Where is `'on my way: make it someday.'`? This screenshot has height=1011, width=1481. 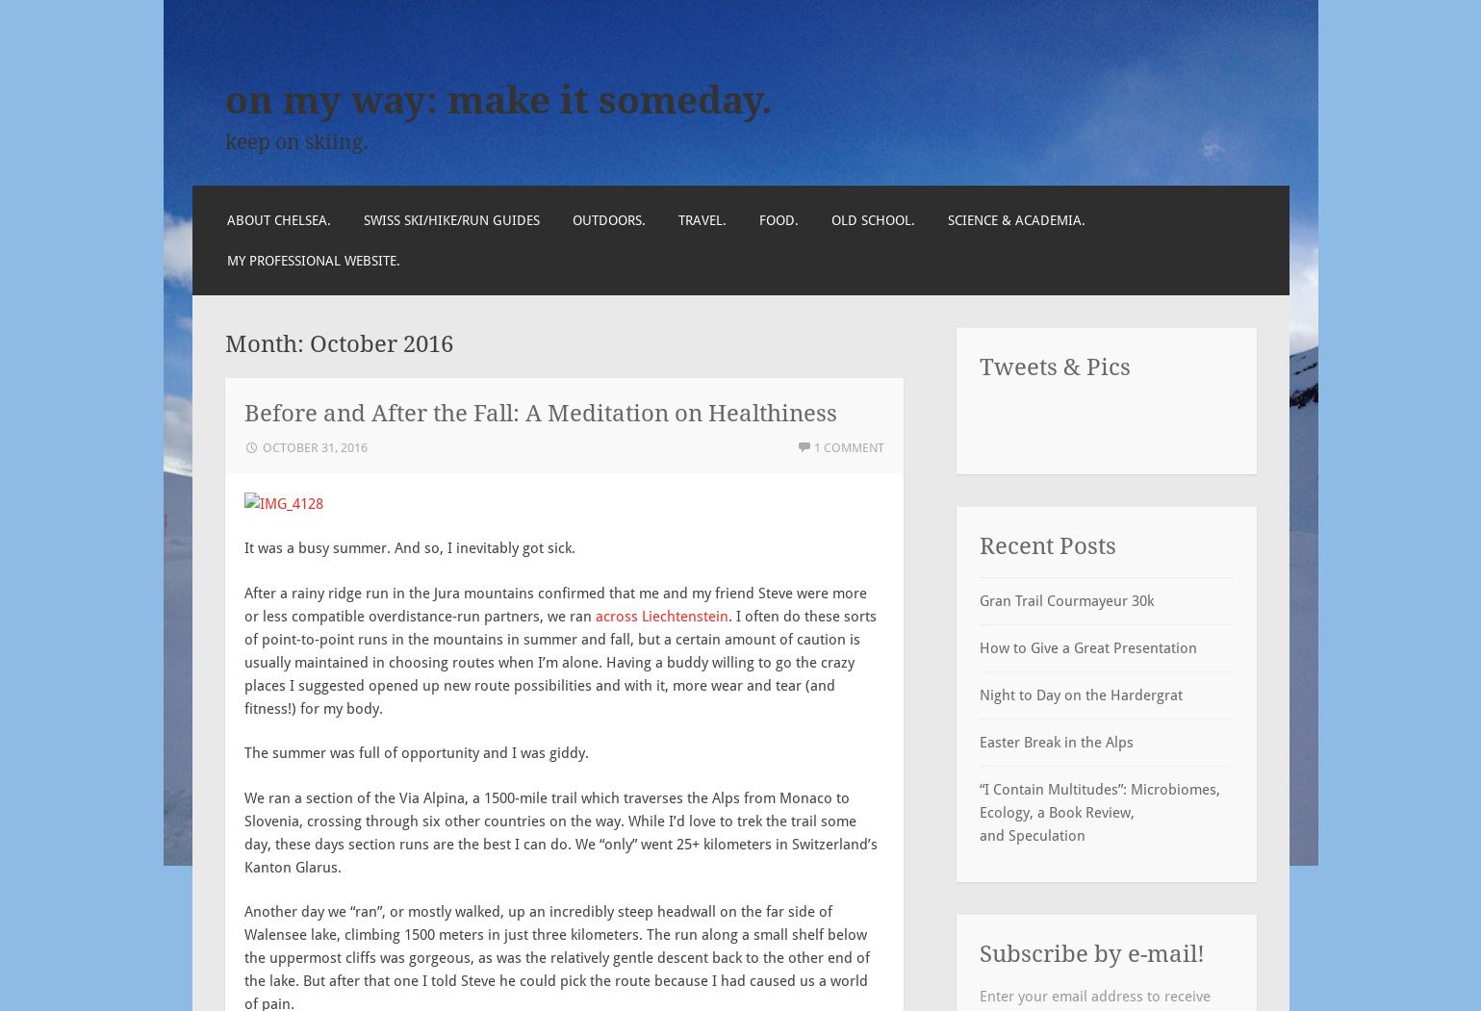
'on my way: make it someday.' is located at coordinates (498, 100).